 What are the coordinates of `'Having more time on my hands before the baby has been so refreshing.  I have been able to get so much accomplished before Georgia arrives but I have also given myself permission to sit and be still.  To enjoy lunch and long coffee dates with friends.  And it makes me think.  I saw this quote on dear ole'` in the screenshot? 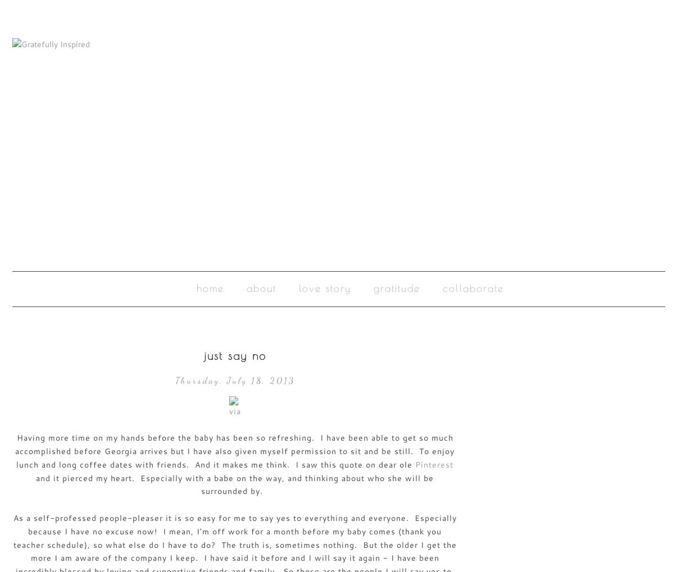 It's located at (235, 451).